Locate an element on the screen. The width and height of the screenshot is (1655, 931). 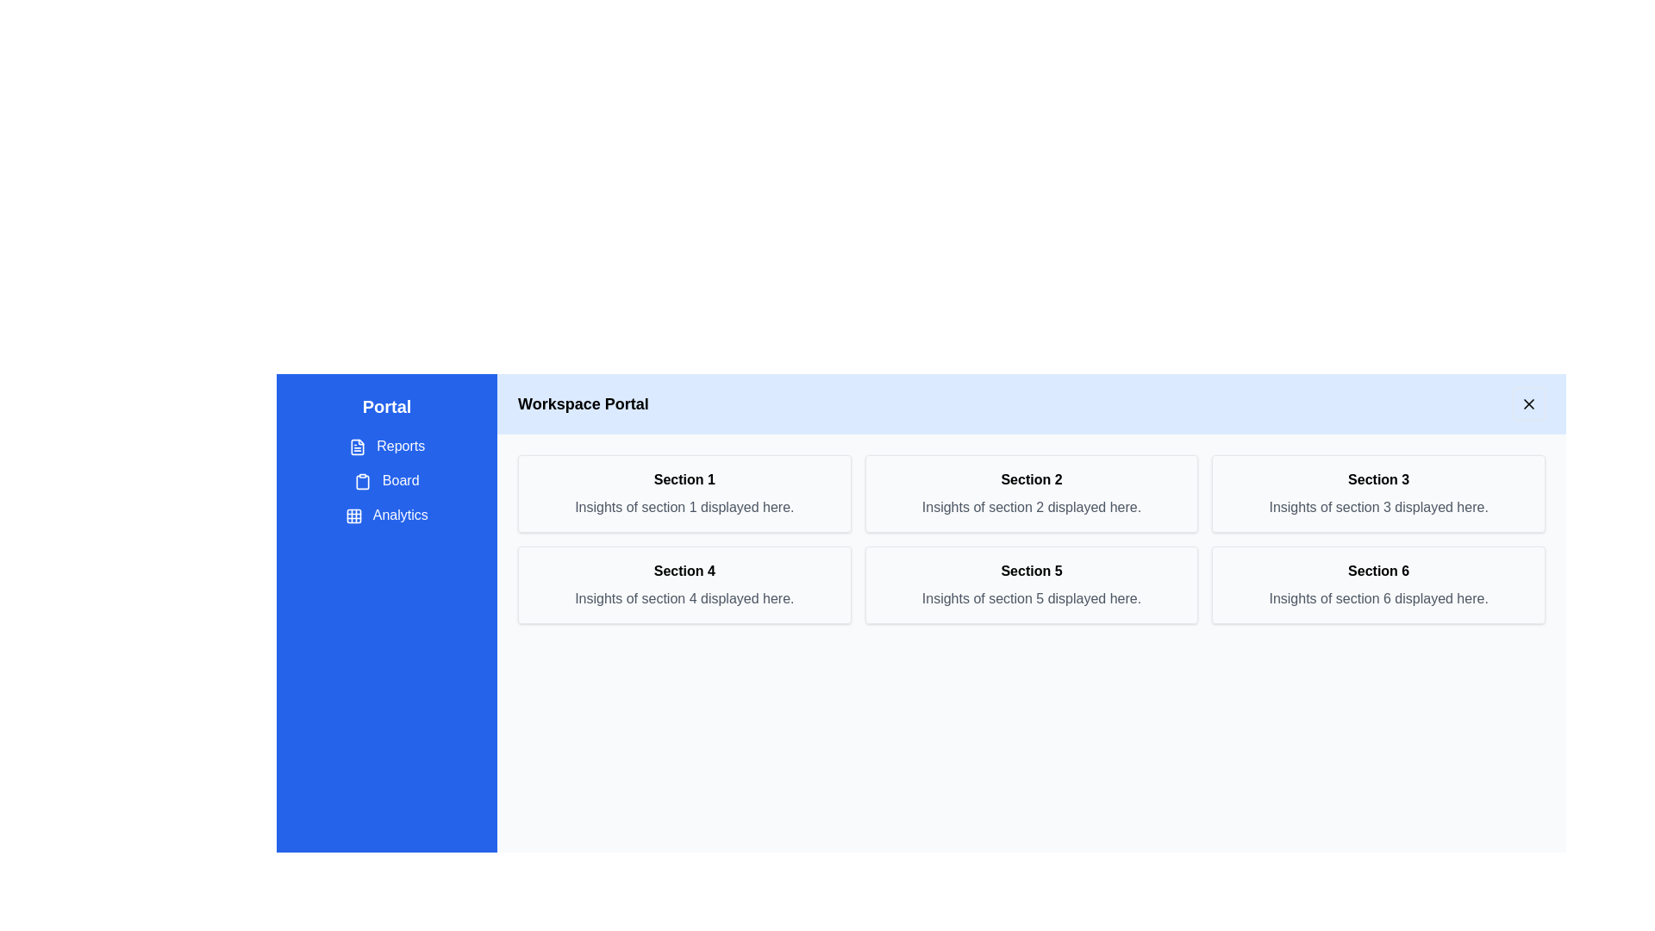
the title or header text located in the second box of the first row in a grid layout, which is positioned between 'Section 1' and 'Section 3' is located at coordinates (1031, 479).